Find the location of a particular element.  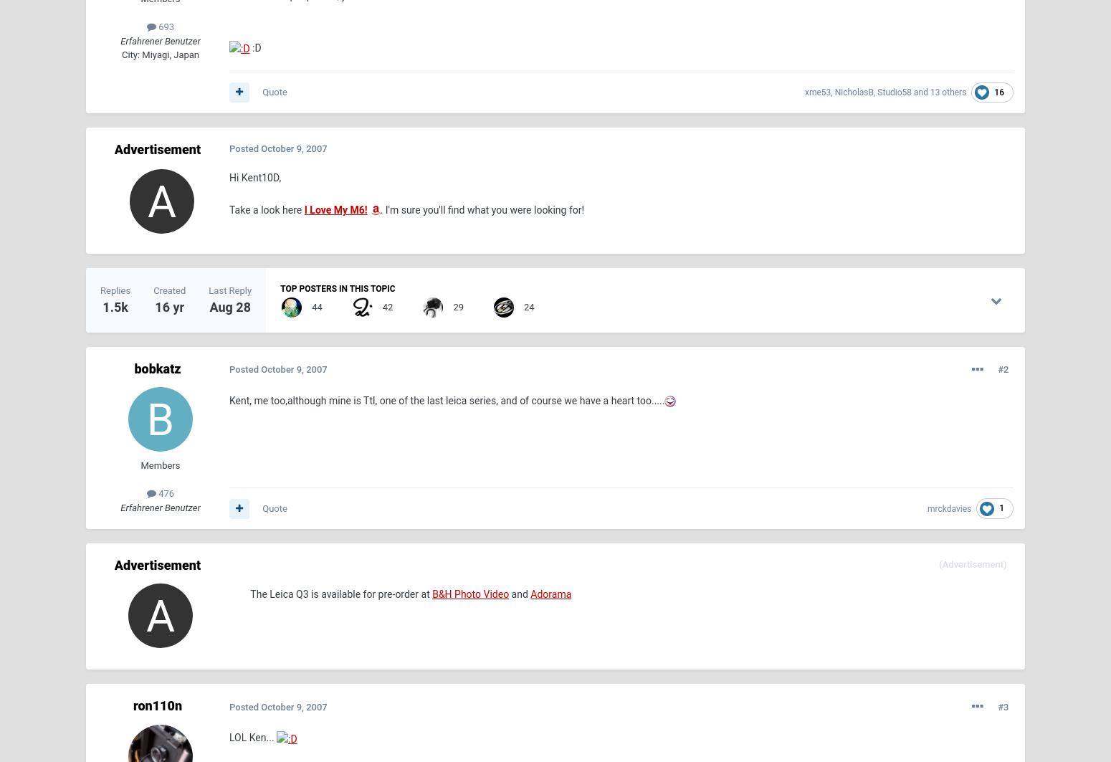

'September 19' is located at coordinates (178, 464).